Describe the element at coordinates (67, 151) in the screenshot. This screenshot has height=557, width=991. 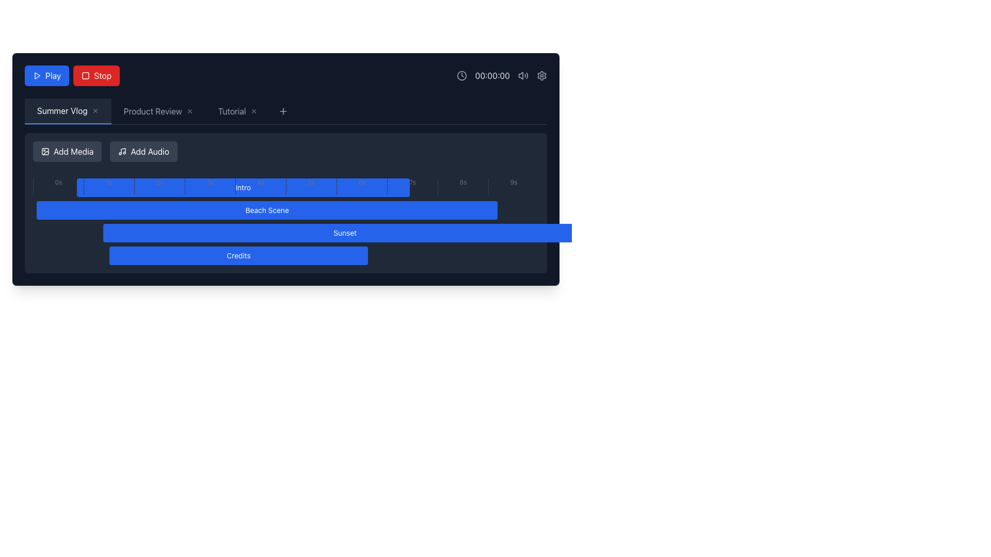
I see `the leftmost button in the toolbar that opens a dialog for adding media files to the project` at that location.